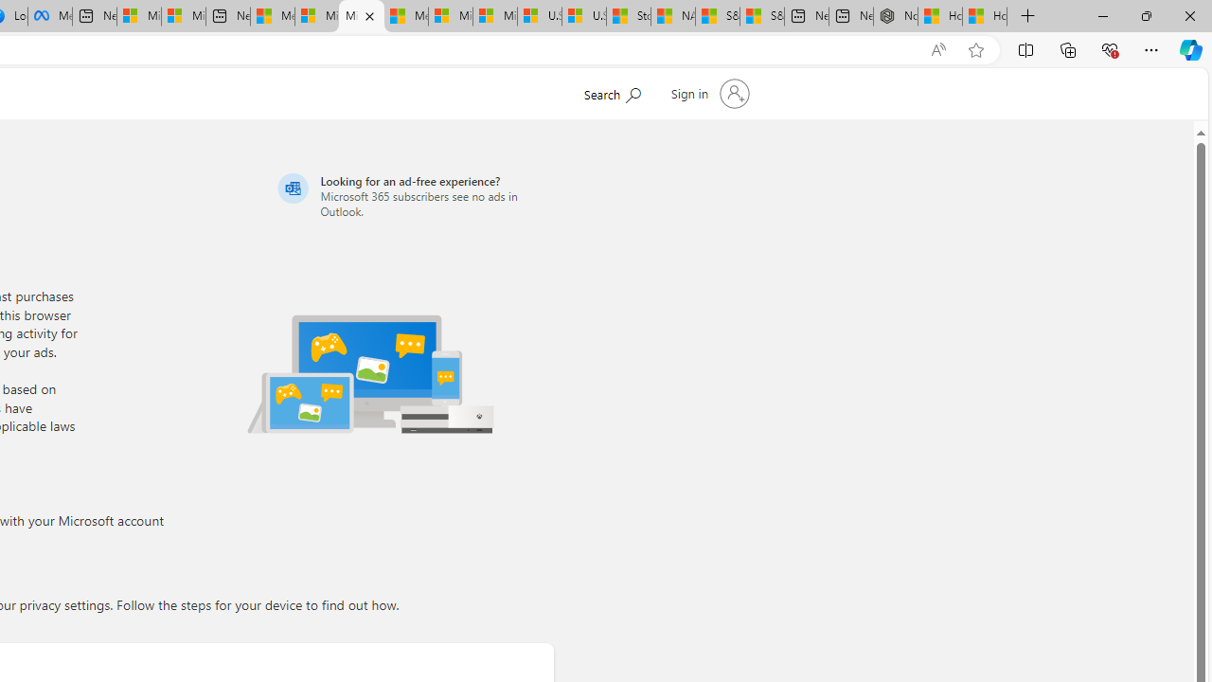  I want to click on 'How to Use a Monitor With Your Closed Laptop', so click(985, 16).